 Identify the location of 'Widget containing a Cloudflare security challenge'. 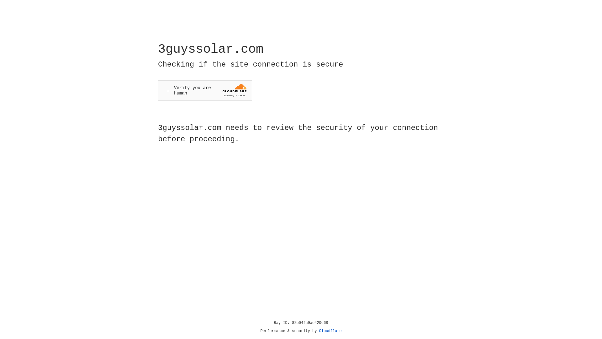
(205, 90).